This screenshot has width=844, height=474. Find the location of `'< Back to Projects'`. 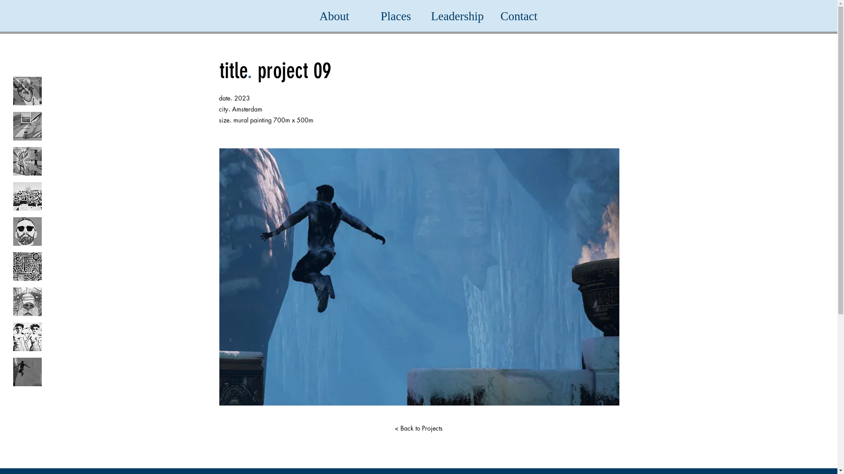

'< Back to Projects' is located at coordinates (418, 427).